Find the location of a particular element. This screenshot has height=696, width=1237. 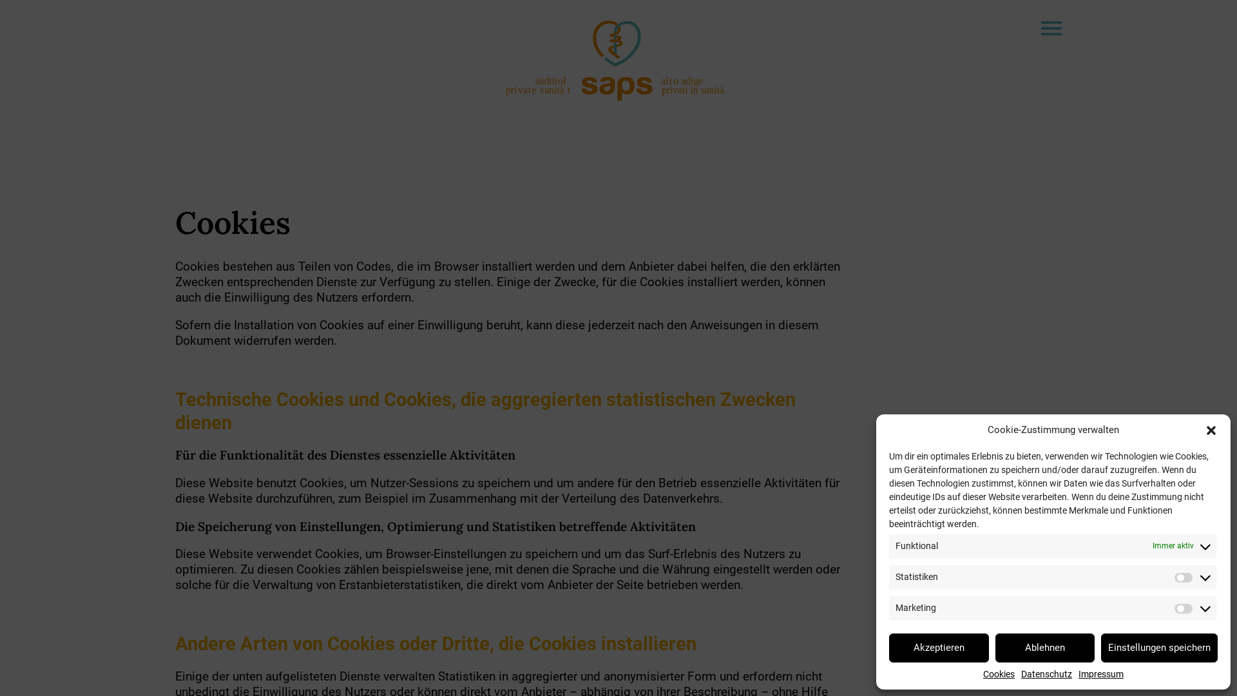

'Datenschutz' is located at coordinates (1046, 673).